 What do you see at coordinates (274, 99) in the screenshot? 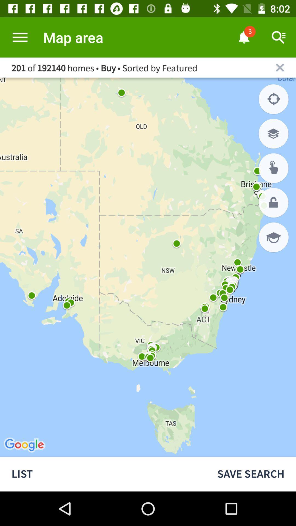
I see `pinpoint user location` at bounding box center [274, 99].